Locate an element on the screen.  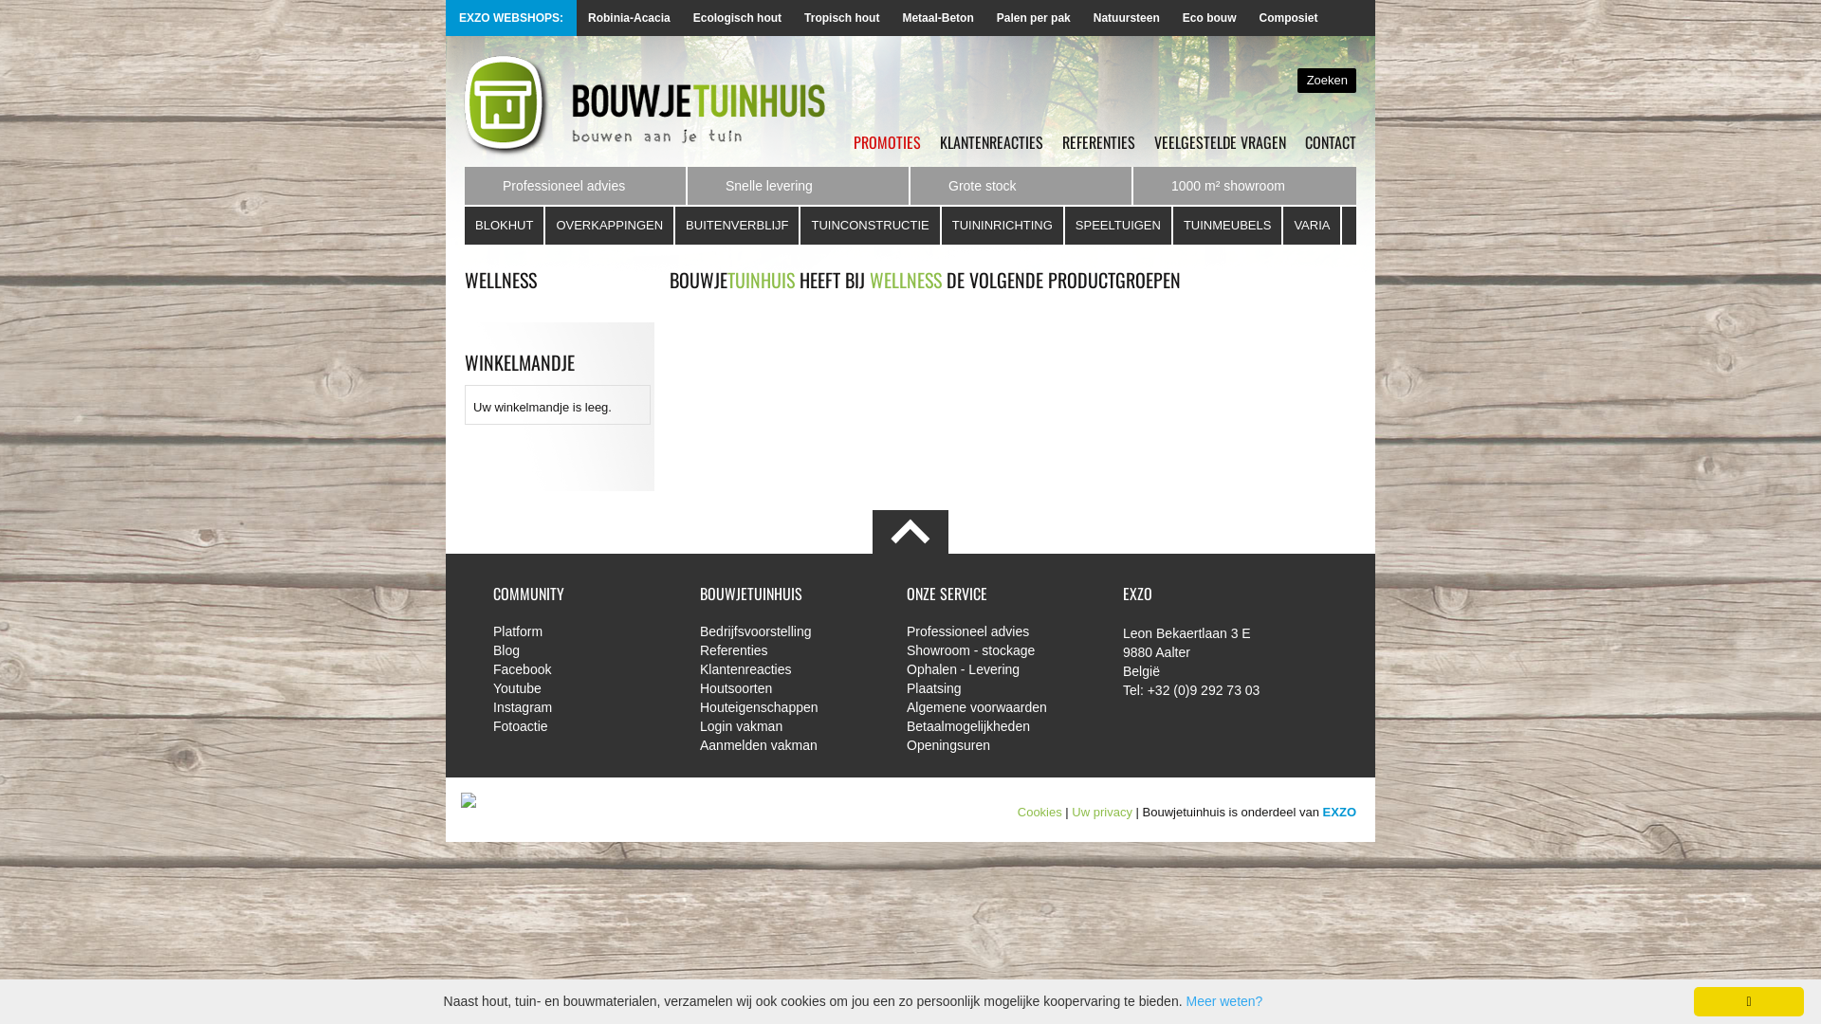
'Eco bouw' is located at coordinates (1208, 18).